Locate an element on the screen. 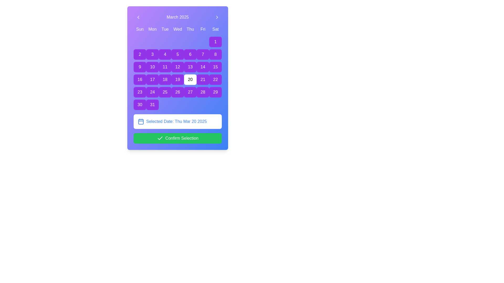  the calendar icon located to the left of the text 'Selected Date: Thu Mar 20 2025' is located at coordinates (141, 121).